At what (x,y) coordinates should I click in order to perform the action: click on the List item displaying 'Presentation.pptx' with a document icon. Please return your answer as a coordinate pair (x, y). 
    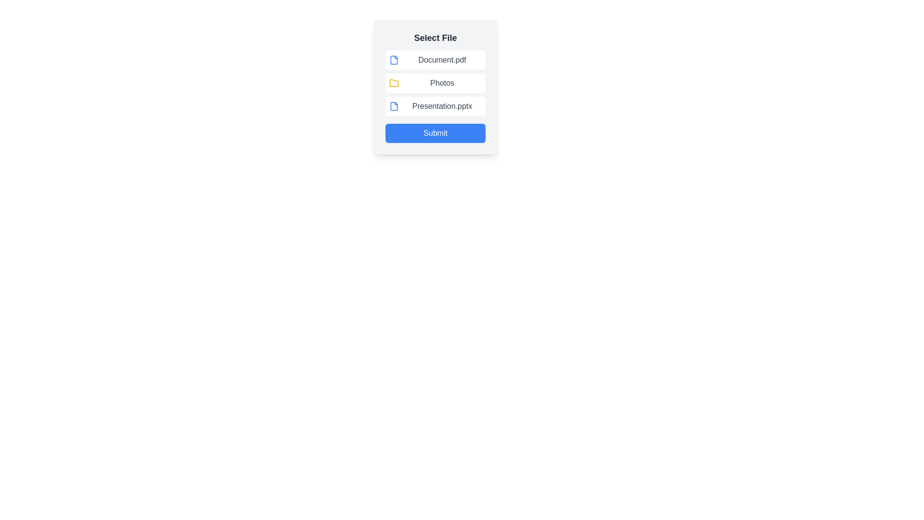
    Looking at the image, I should click on (435, 106).